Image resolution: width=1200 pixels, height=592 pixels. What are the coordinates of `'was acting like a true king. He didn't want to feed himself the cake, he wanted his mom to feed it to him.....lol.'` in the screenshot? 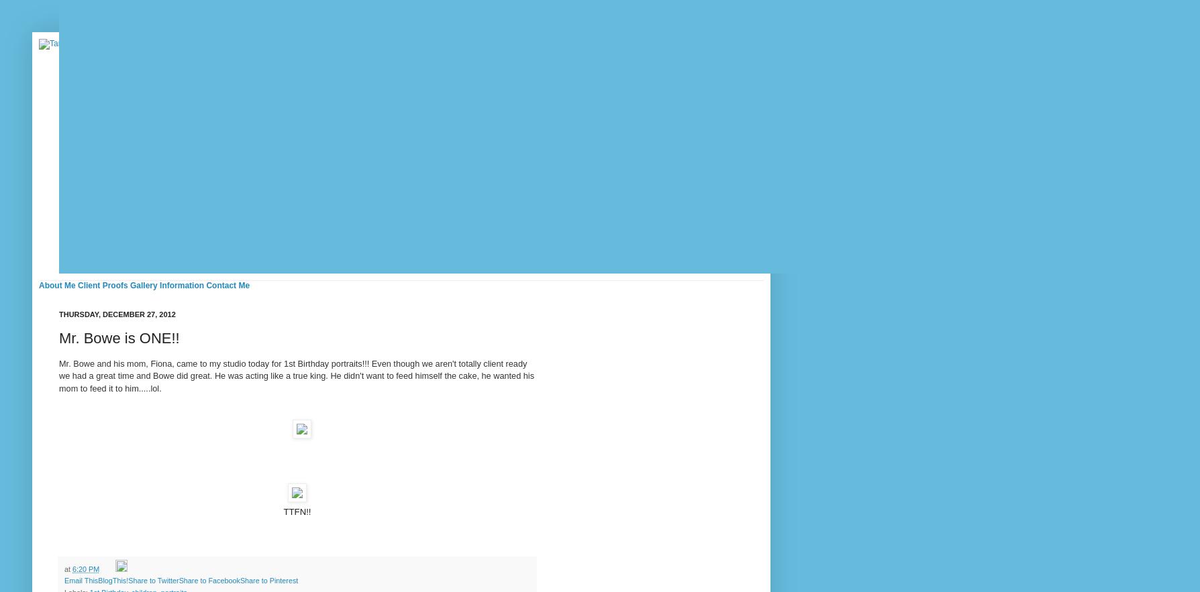 It's located at (295, 381).